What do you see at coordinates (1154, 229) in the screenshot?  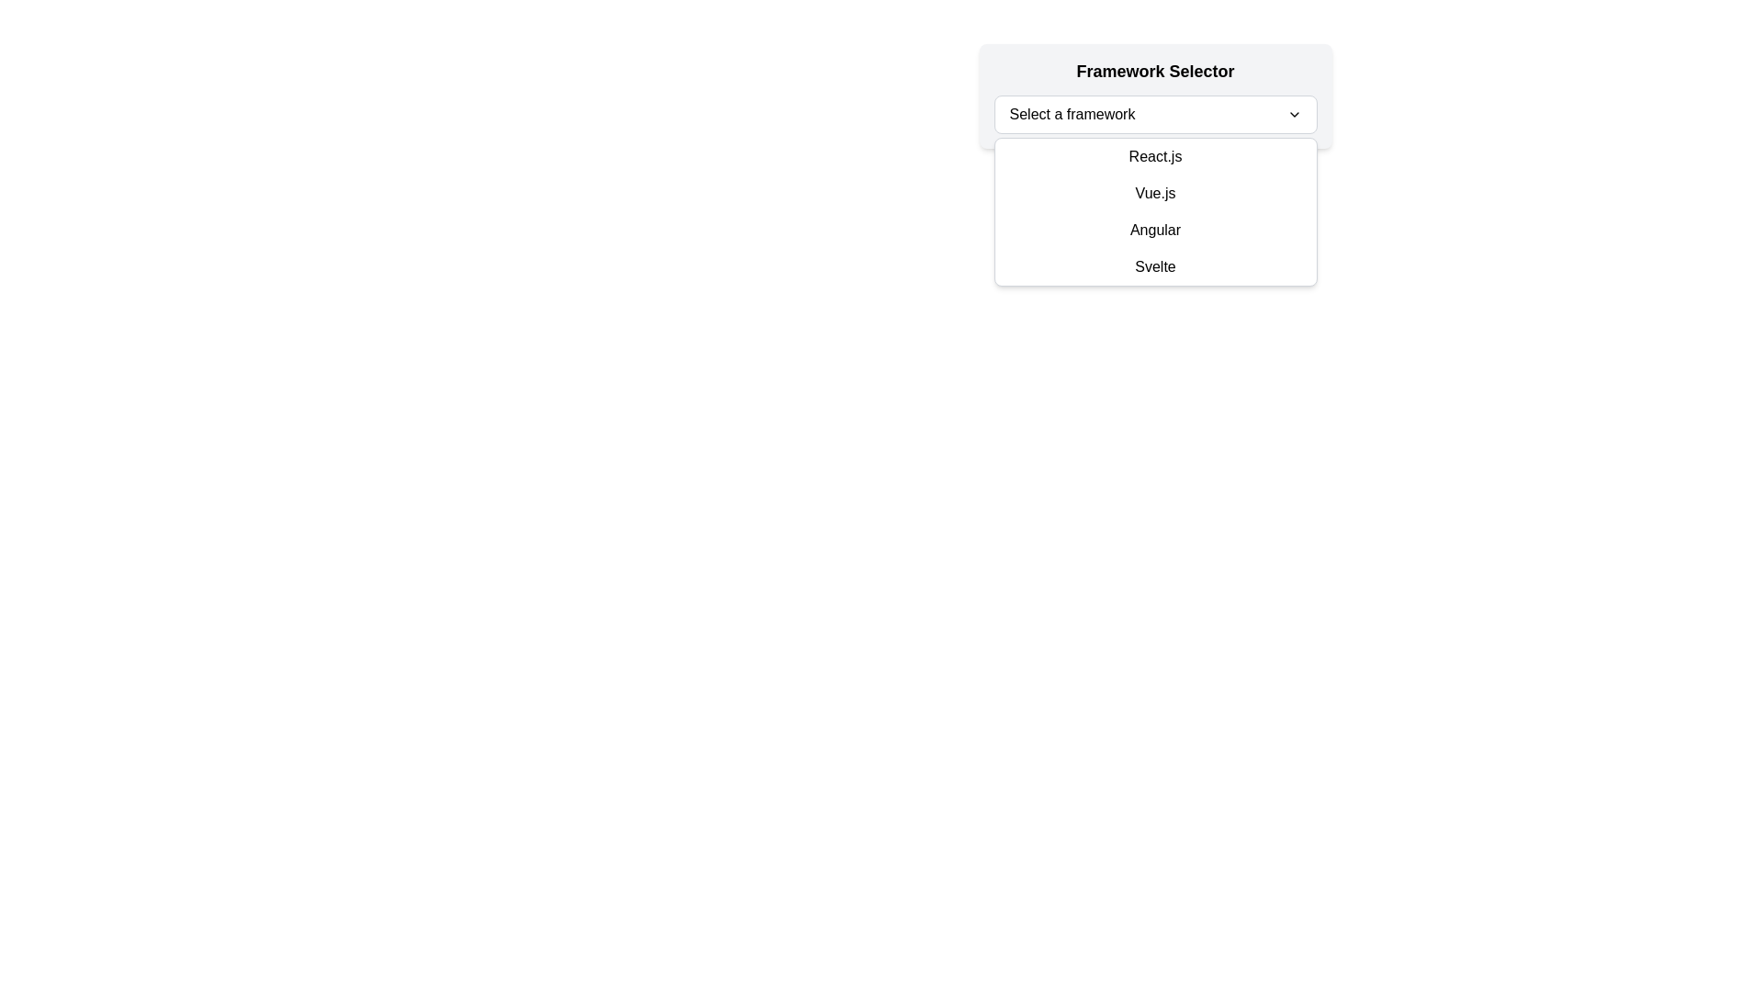 I see `the 'Angular' option in the dropdown menu` at bounding box center [1154, 229].